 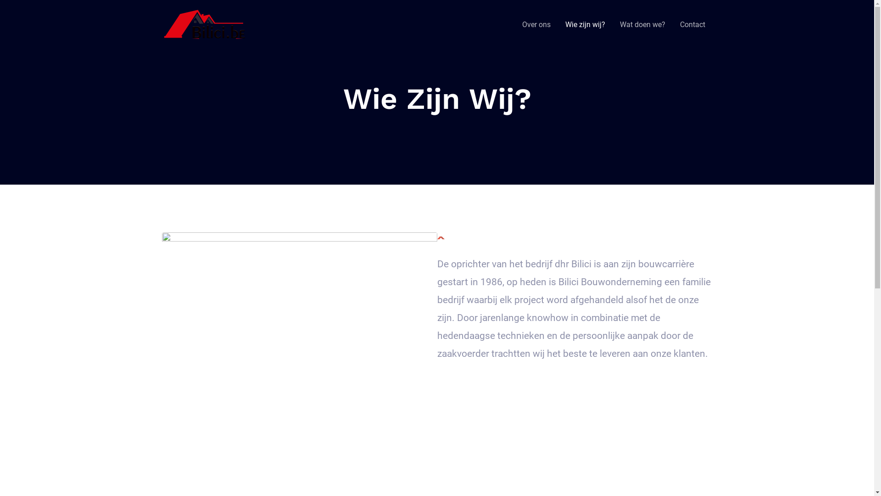 I want to click on 'Over ons', so click(x=536, y=24).